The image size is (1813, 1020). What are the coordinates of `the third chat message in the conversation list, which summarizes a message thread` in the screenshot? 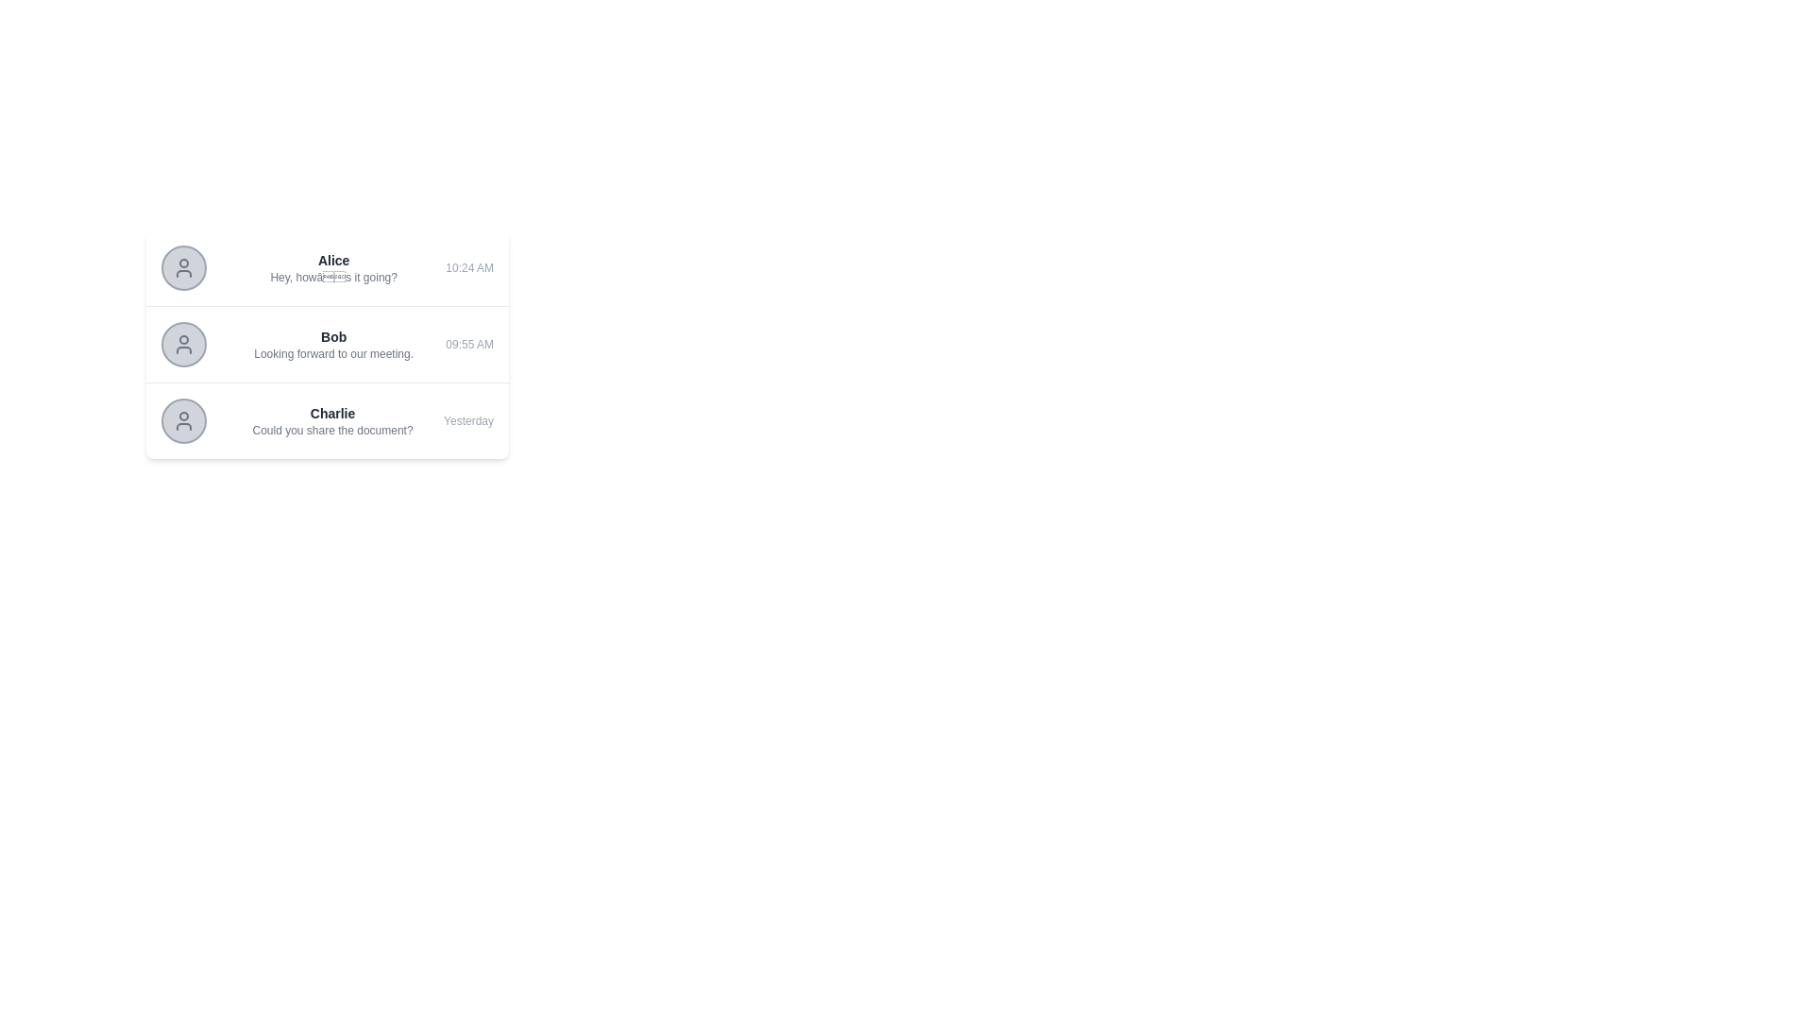 It's located at (327, 420).